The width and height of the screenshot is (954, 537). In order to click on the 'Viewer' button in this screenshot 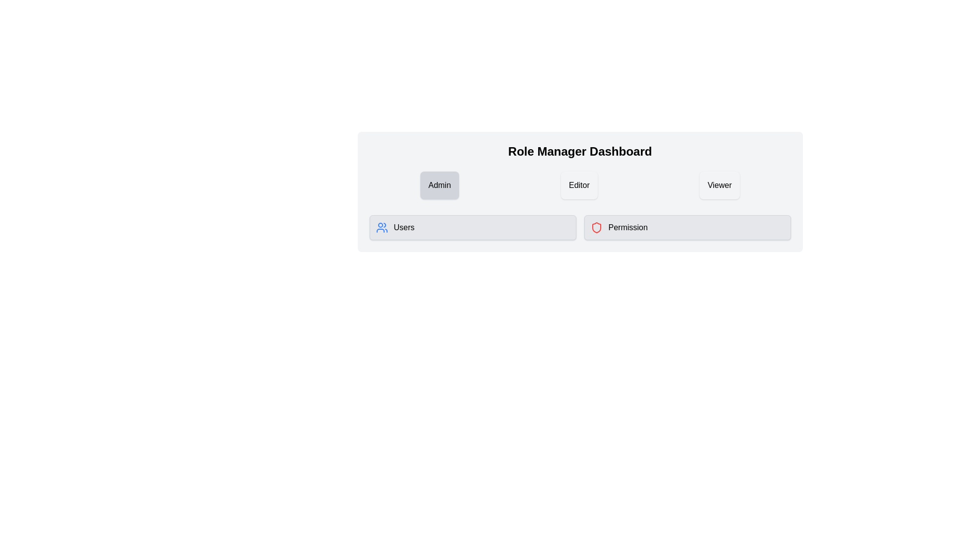, I will do `click(719, 185)`.